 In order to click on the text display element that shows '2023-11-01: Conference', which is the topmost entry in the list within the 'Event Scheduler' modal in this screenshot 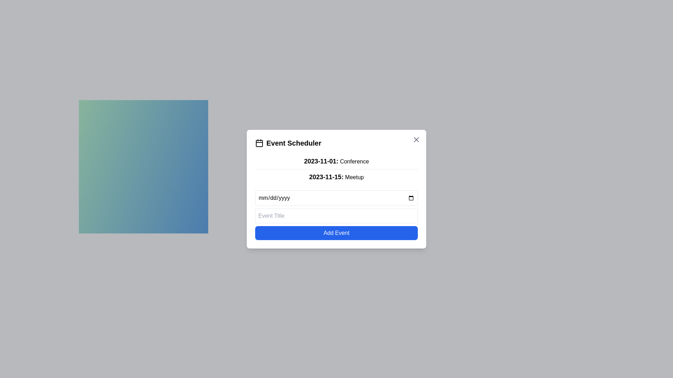, I will do `click(336, 161)`.